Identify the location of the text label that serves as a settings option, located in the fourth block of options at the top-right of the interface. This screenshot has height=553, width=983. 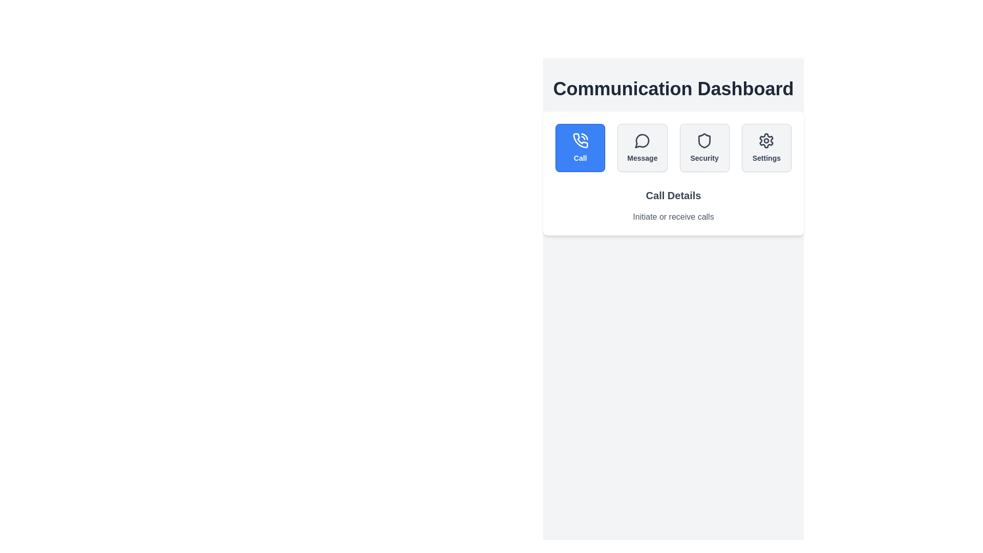
(766, 158).